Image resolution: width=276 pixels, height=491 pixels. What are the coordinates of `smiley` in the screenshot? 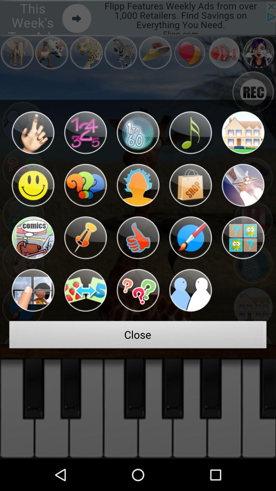 It's located at (33, 185).